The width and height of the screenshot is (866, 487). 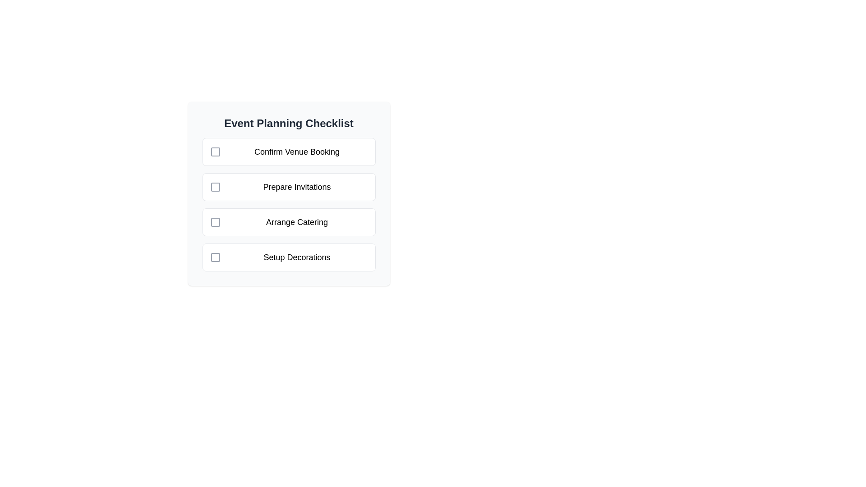 I want to click on the unselected checkbox located next to the text 'Setup Decorations' in the fourth item of the checklist, so click(x=215, y=257).